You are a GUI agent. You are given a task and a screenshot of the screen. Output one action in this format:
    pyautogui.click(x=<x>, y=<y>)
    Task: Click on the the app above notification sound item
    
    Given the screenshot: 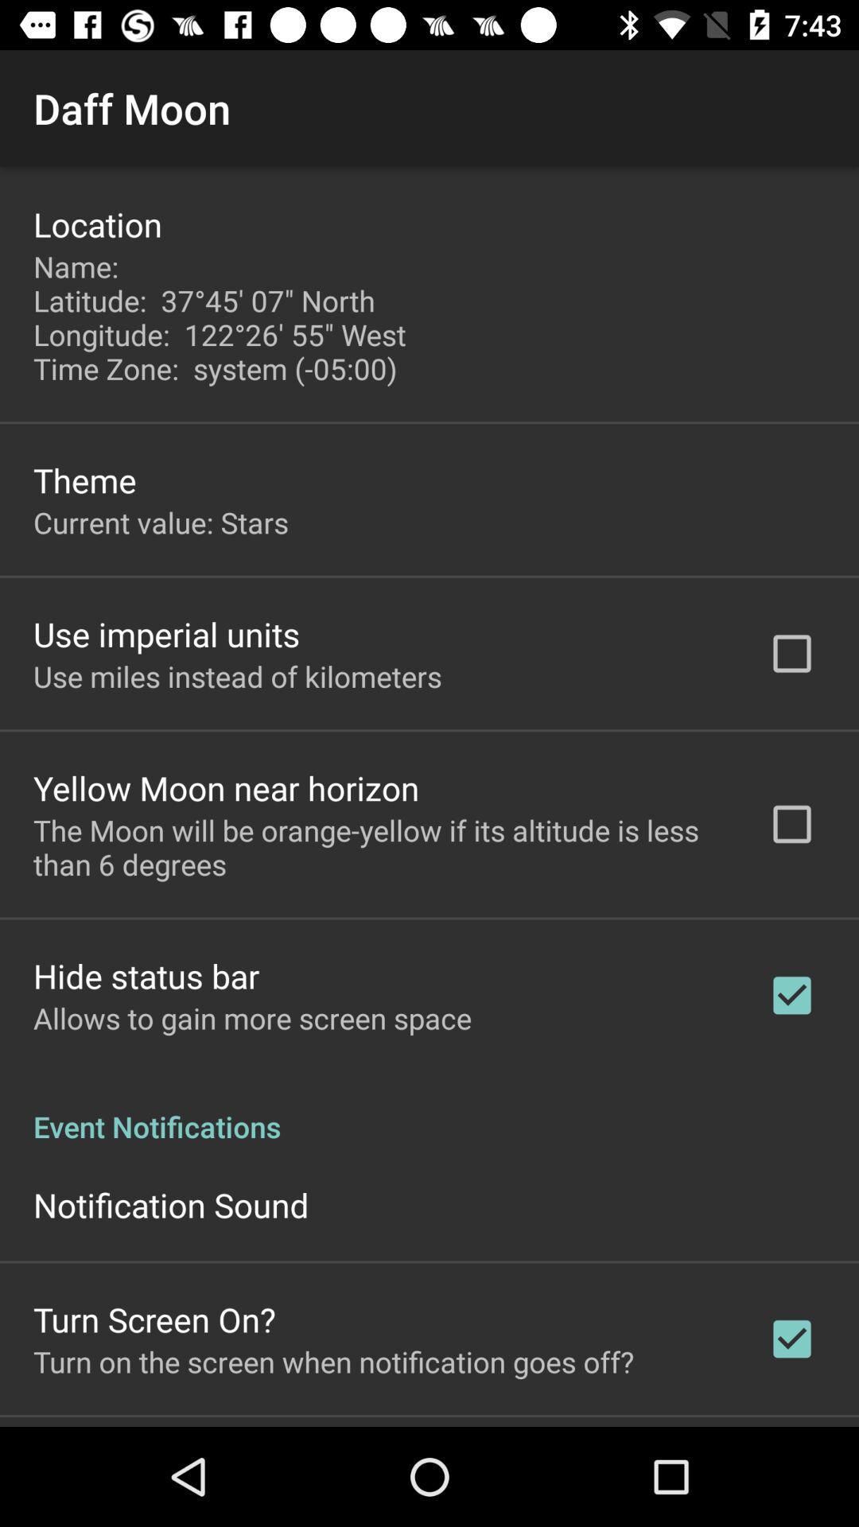 What is the action you would take?
    pyautogui.click(x=429, y=1109)
    